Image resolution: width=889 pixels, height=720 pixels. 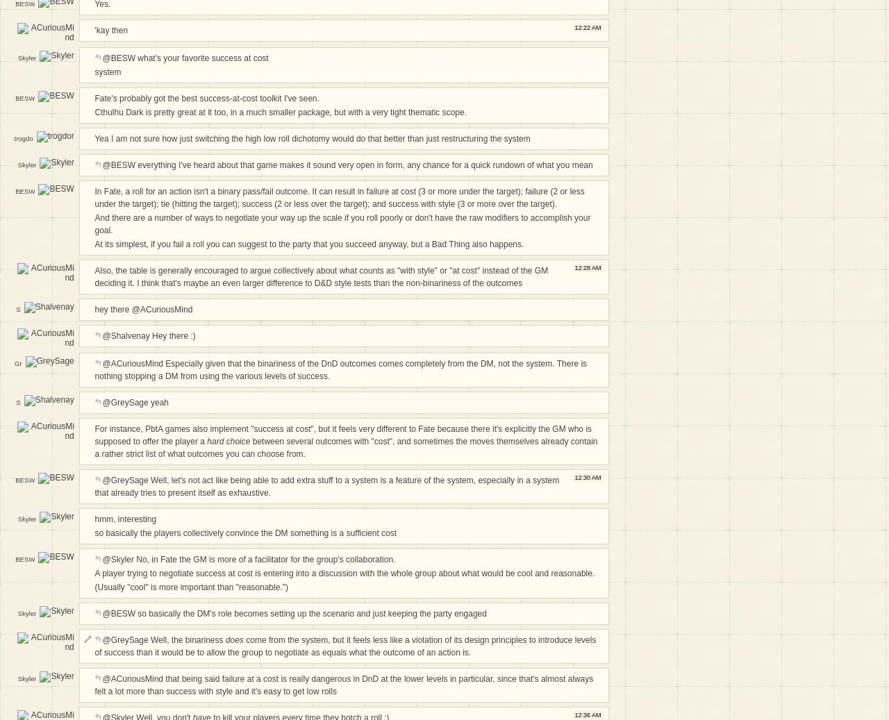 I want to click on 'hmm, interesting', so click(x=125, y=519).